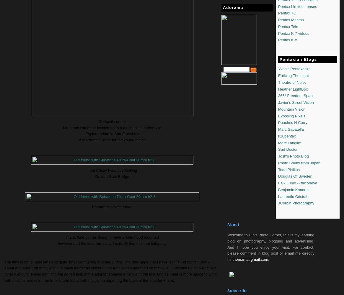 The width and height of the screenshot is (344, 295). Describe the element at coordinates (237, 290) in the screenshot. I see `'Subscribe'` at that location.